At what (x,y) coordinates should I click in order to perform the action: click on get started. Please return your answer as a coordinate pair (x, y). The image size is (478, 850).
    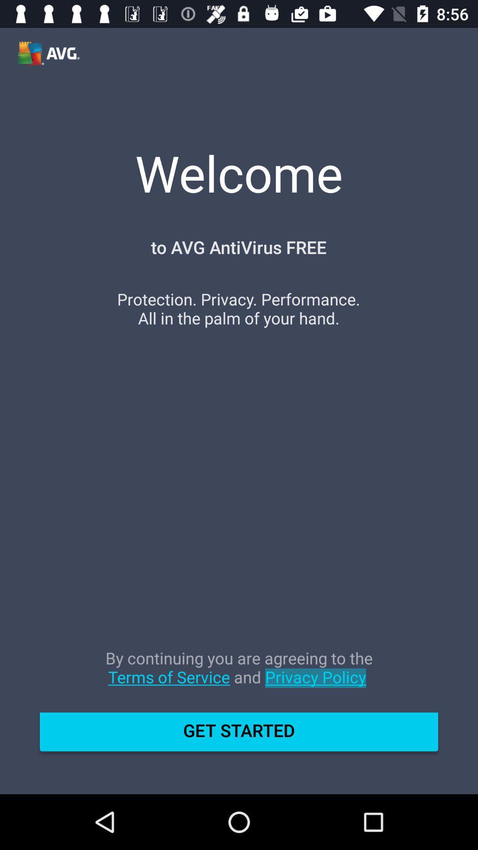
    Looking at the image, I should click on (239, 735).